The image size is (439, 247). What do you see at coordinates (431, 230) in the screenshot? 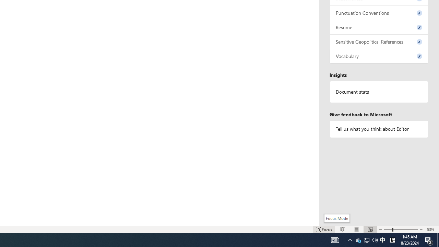
I see `'Zoom 53%'` at bounding box center [431, 230].